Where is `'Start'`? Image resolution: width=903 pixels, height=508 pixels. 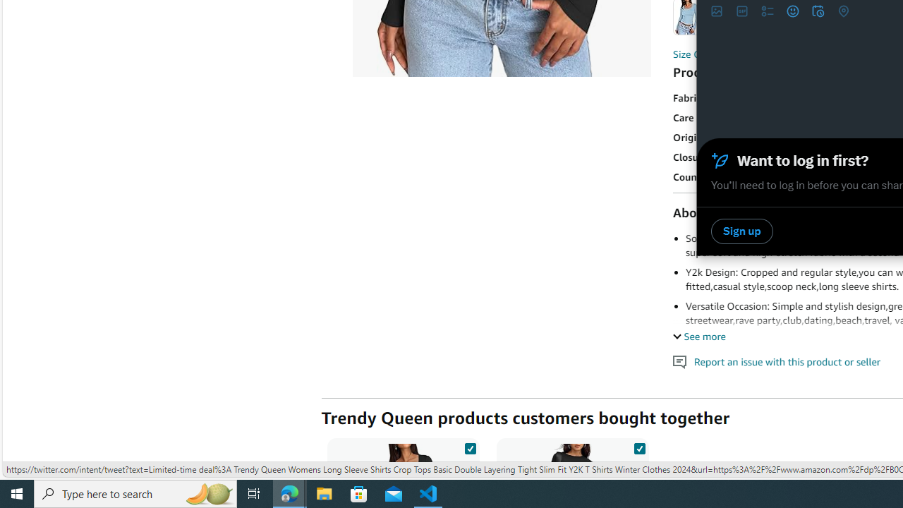 'Start' is located at coordinates (17, 492).